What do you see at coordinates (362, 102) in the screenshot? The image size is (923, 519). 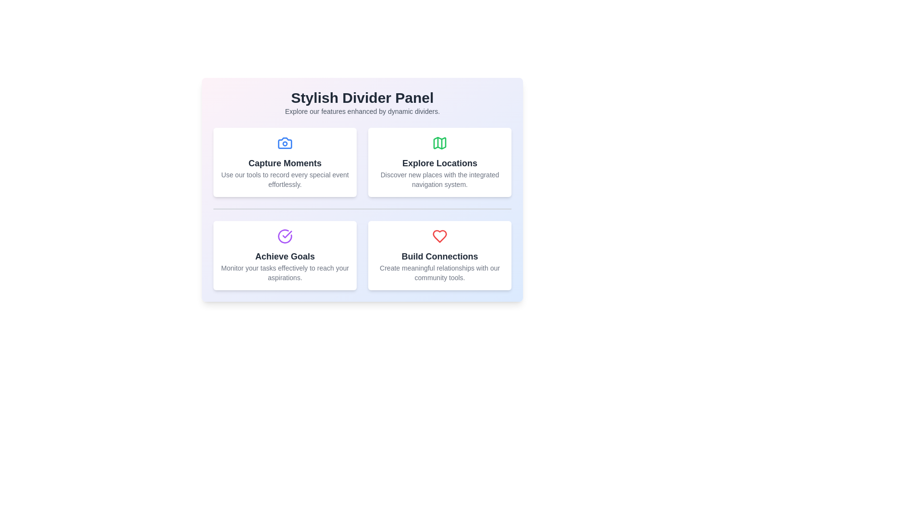 I see `the styled Text component that serves as a title or introductory section at the top of the interface` at bounding box center [362, 102].